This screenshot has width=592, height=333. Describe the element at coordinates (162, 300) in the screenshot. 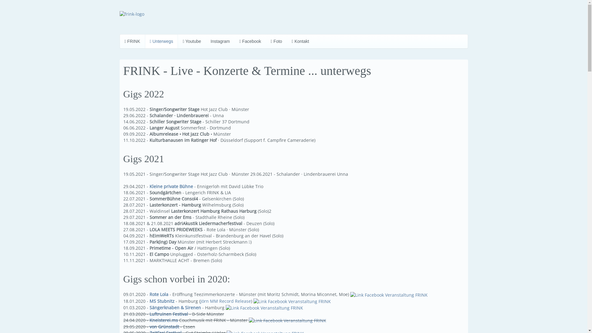

I see `'MS Stubnitz'` at that location.